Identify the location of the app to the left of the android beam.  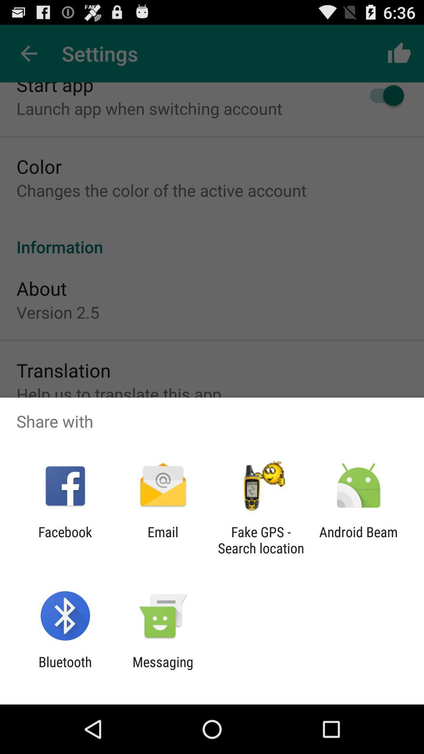
(261, 540).